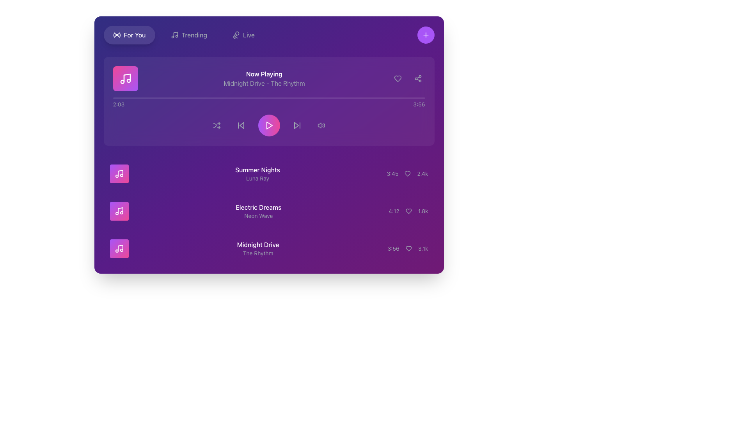 Image resolution: width=749 pixels, height=421 pixels. Describe the element at coordinates (269, 97) in the screenshot. I see `the Progress bar located below the 'Now Playing' section in the music player interface` at that location.